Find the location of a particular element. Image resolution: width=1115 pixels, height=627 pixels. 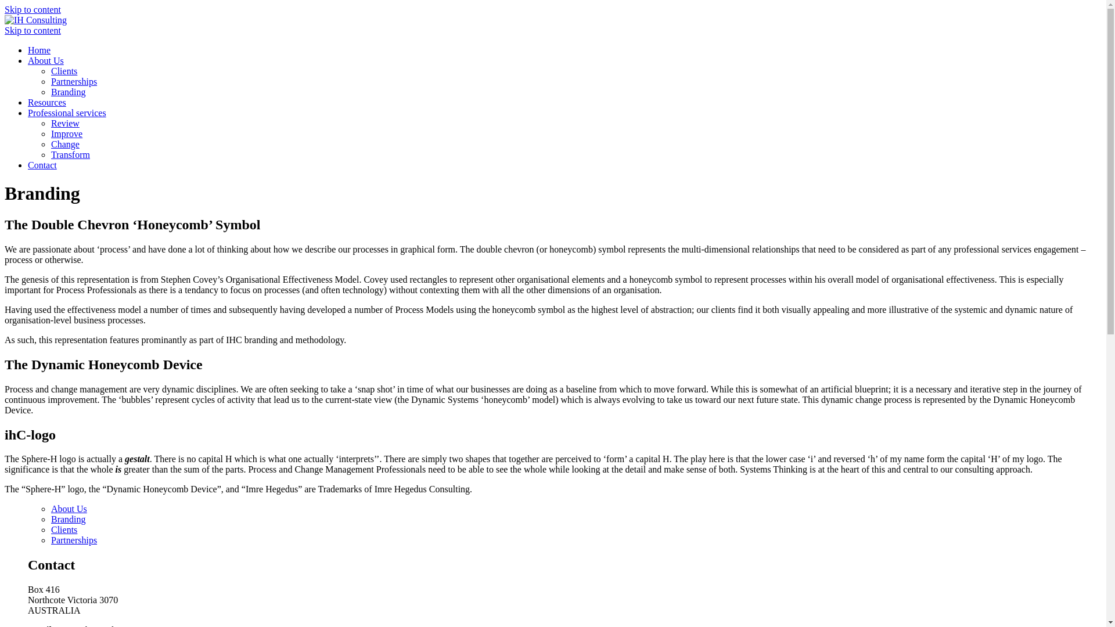

'Partnerships' is located at coordinates (73, 540).